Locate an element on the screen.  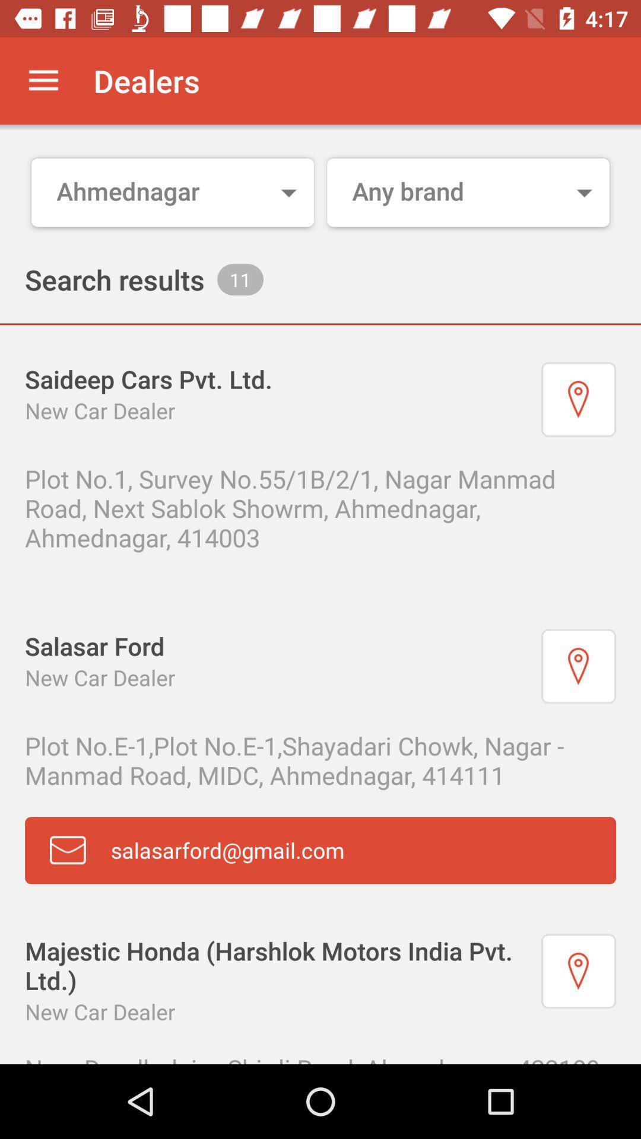
show on maps is located at coordinates (578, 971).